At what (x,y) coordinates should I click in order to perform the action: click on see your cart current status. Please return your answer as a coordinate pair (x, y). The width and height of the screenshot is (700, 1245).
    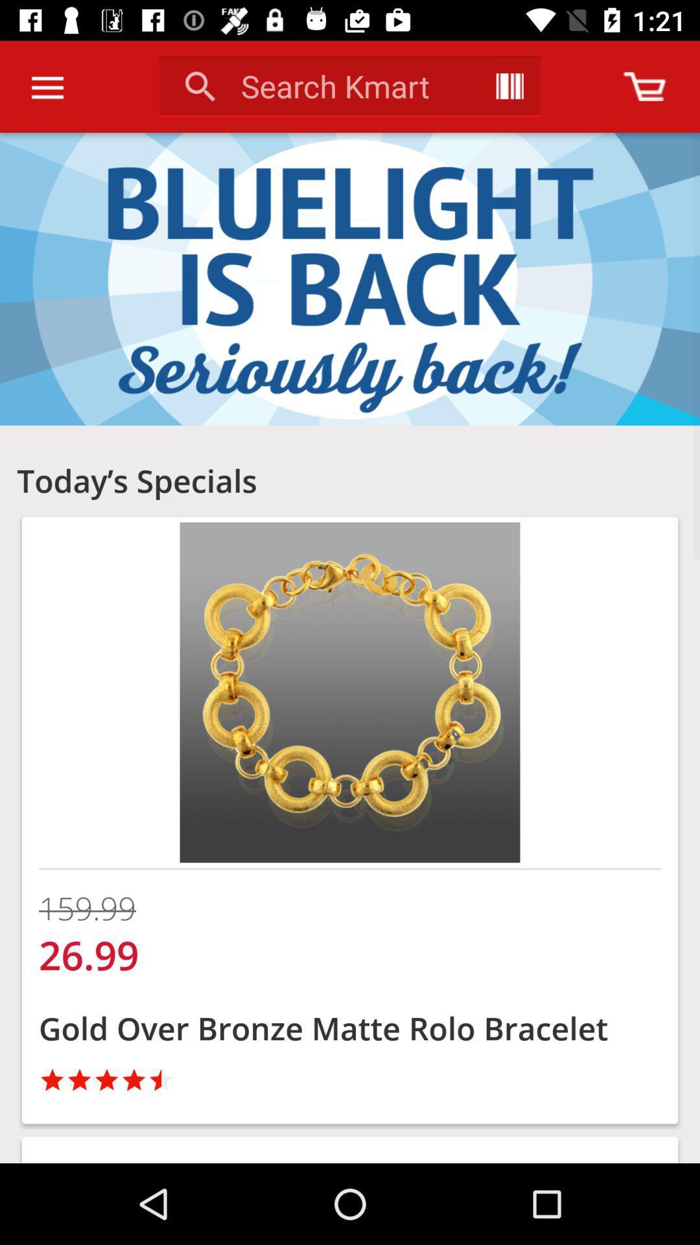
    Looking at the image, I should click on (644, 86).